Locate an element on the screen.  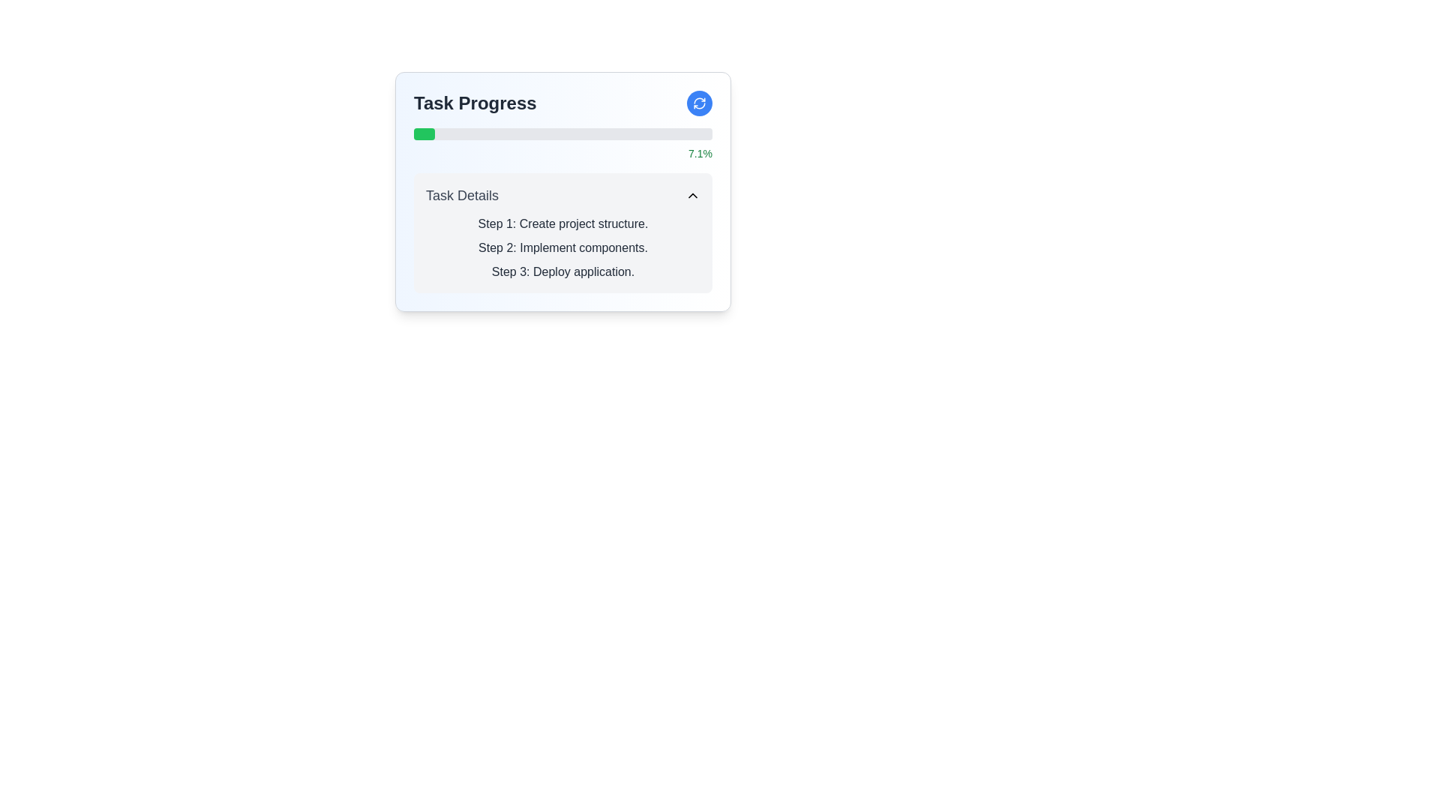
the Interactive SVG icon (chevron) located at the top-right corner of the 'Task Details' section is located at coordinates (692, 195).